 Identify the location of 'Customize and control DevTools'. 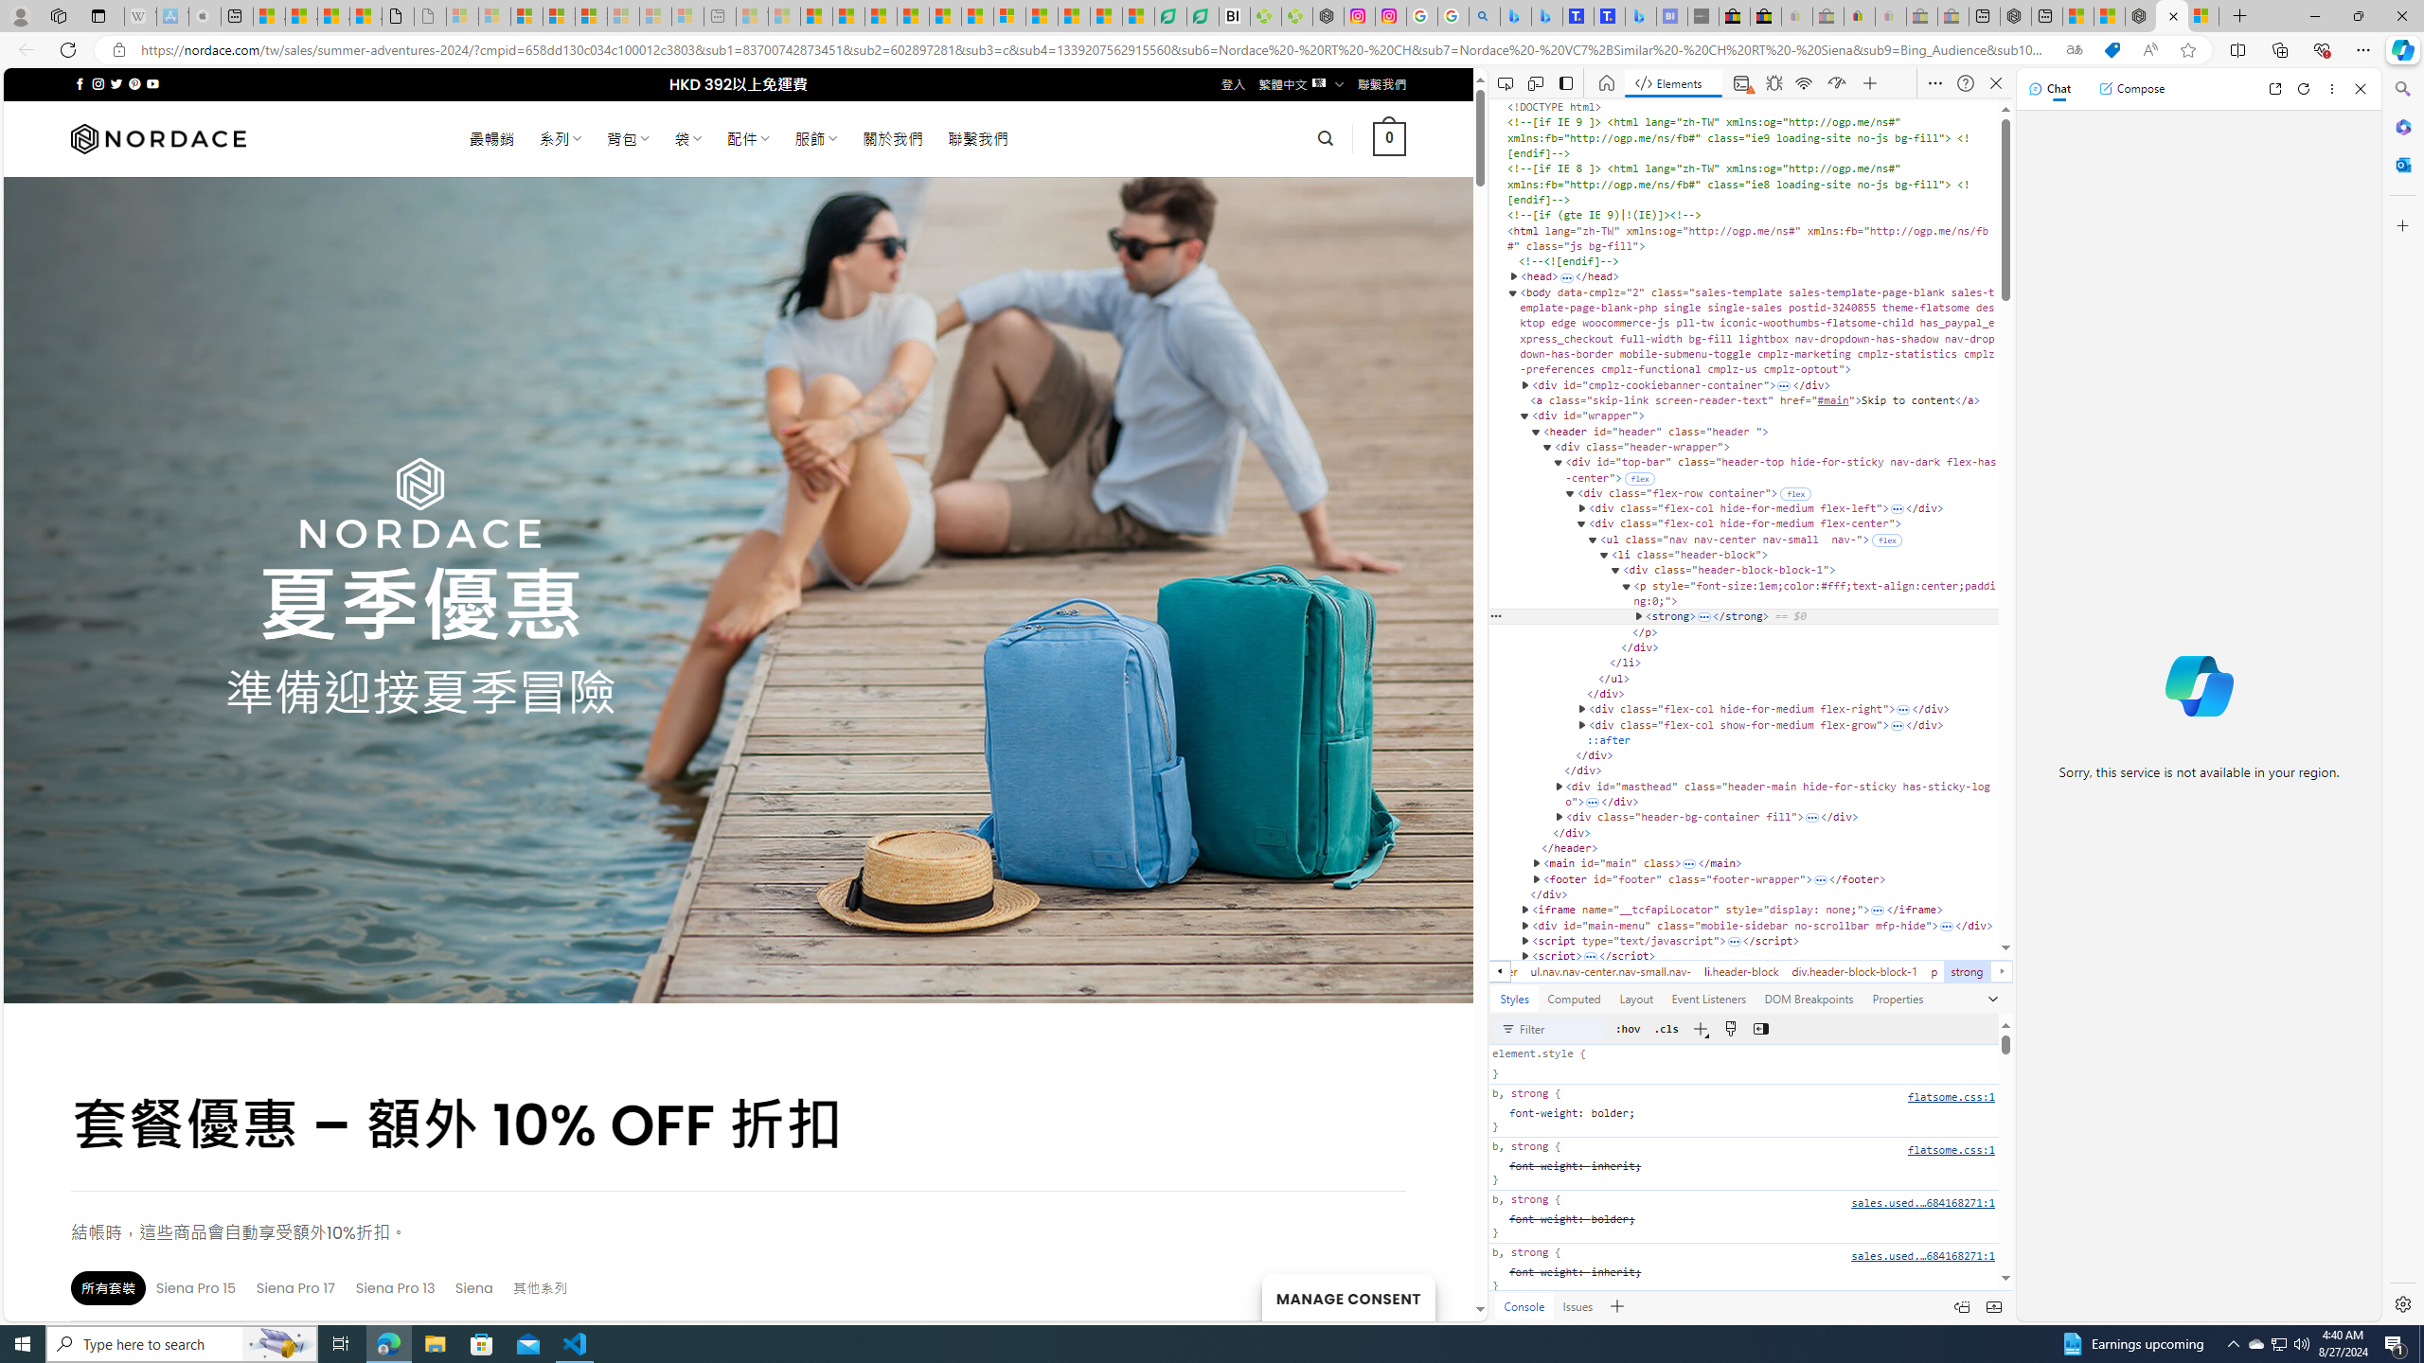
(1934, 82).